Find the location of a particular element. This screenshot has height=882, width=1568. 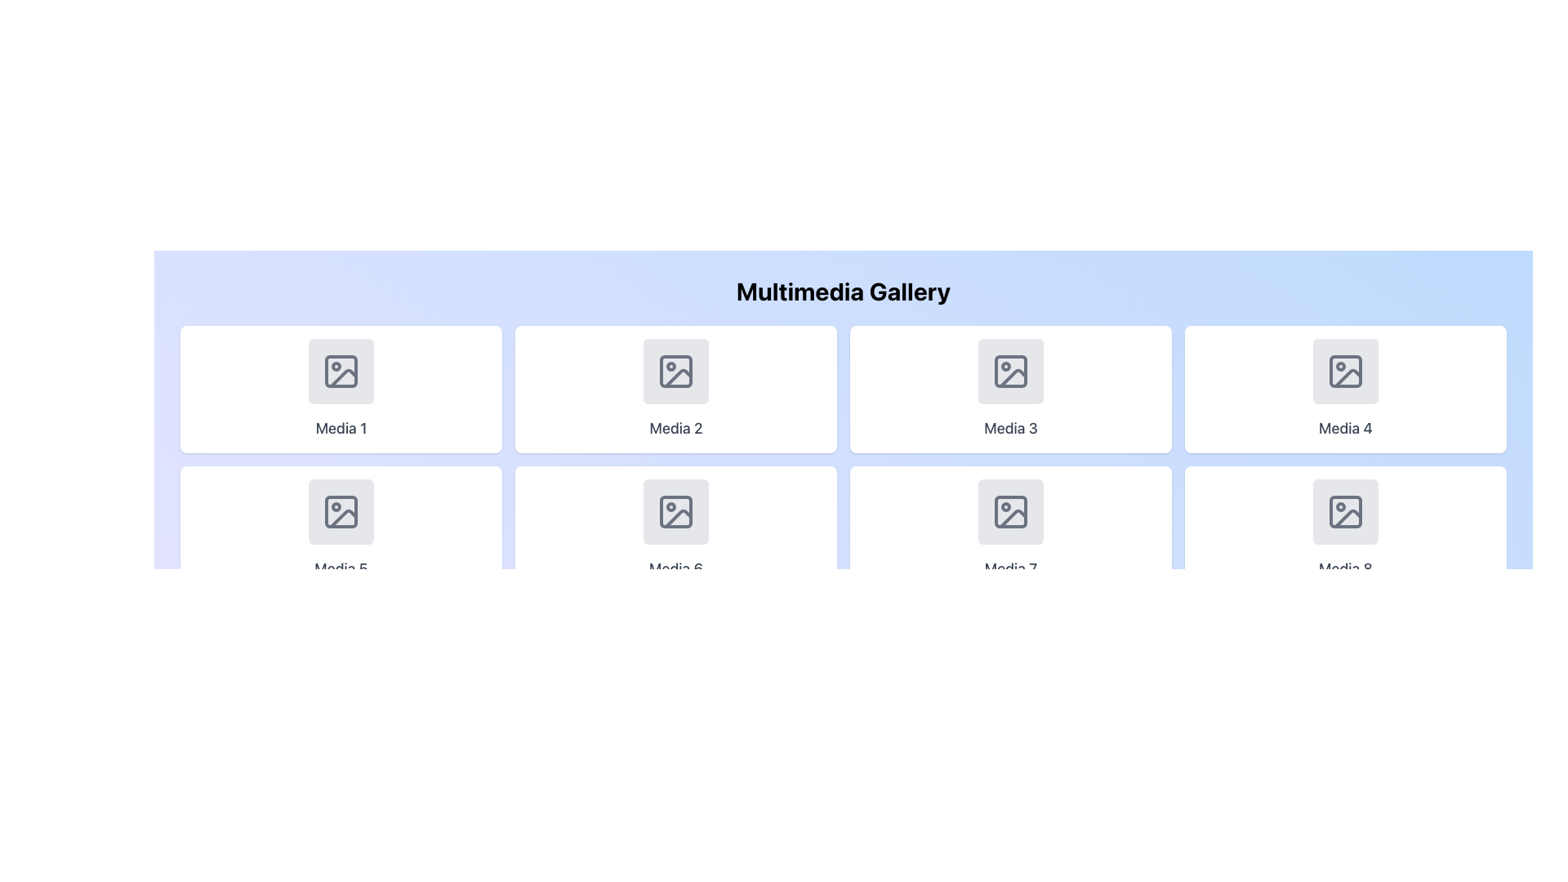

the Decorative placeholder icon resembling a photo frame located under the 'Media 7' label is located at coordinates (1010, 511).